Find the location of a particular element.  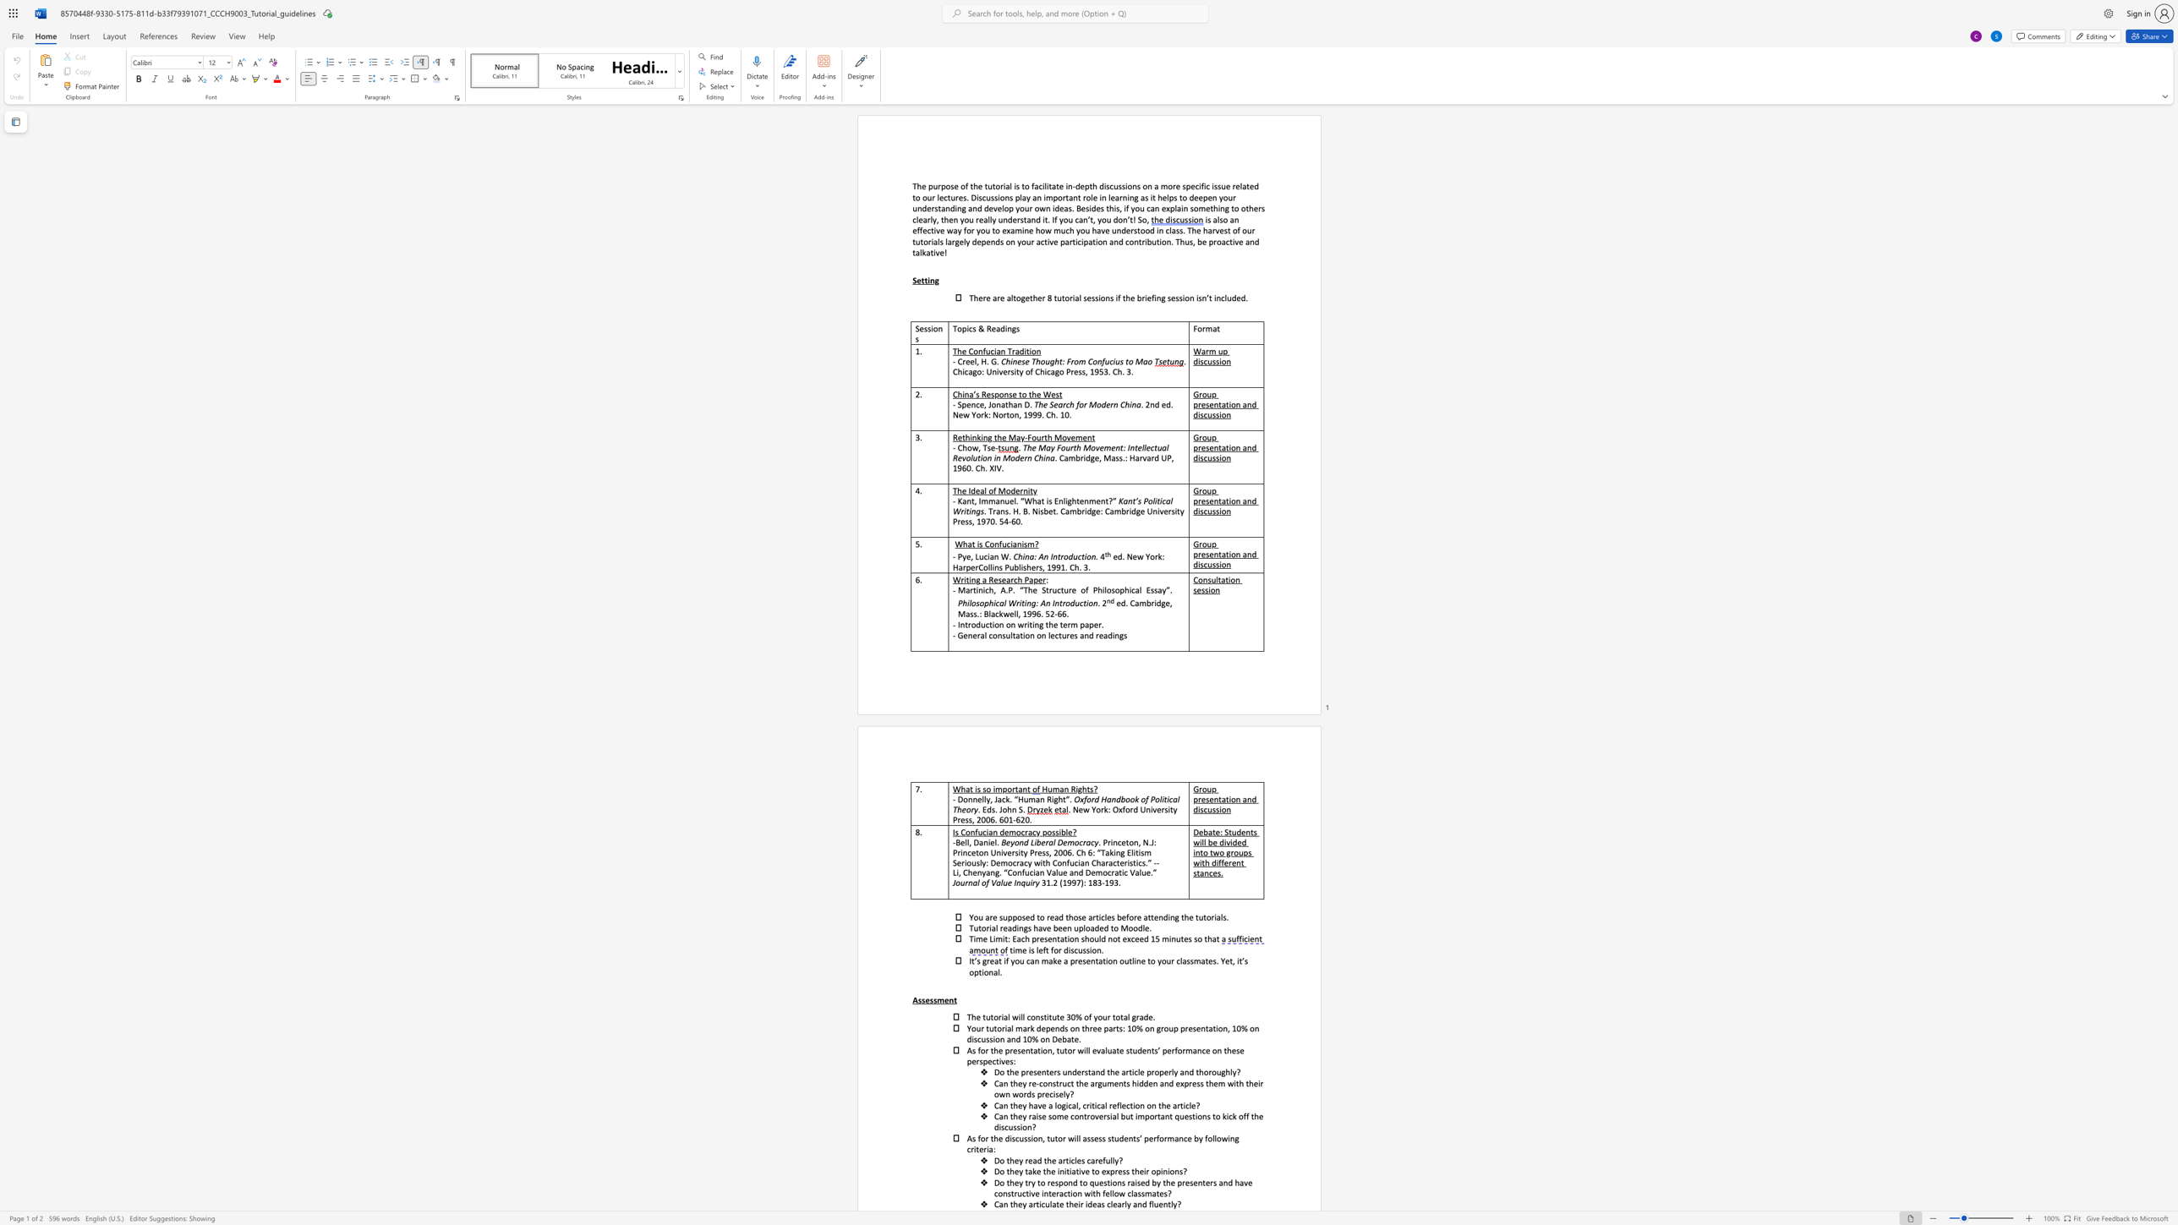

the subset text "ap" within the text "Introduction on writing the term paper." is located at coordinates (1083, 624).